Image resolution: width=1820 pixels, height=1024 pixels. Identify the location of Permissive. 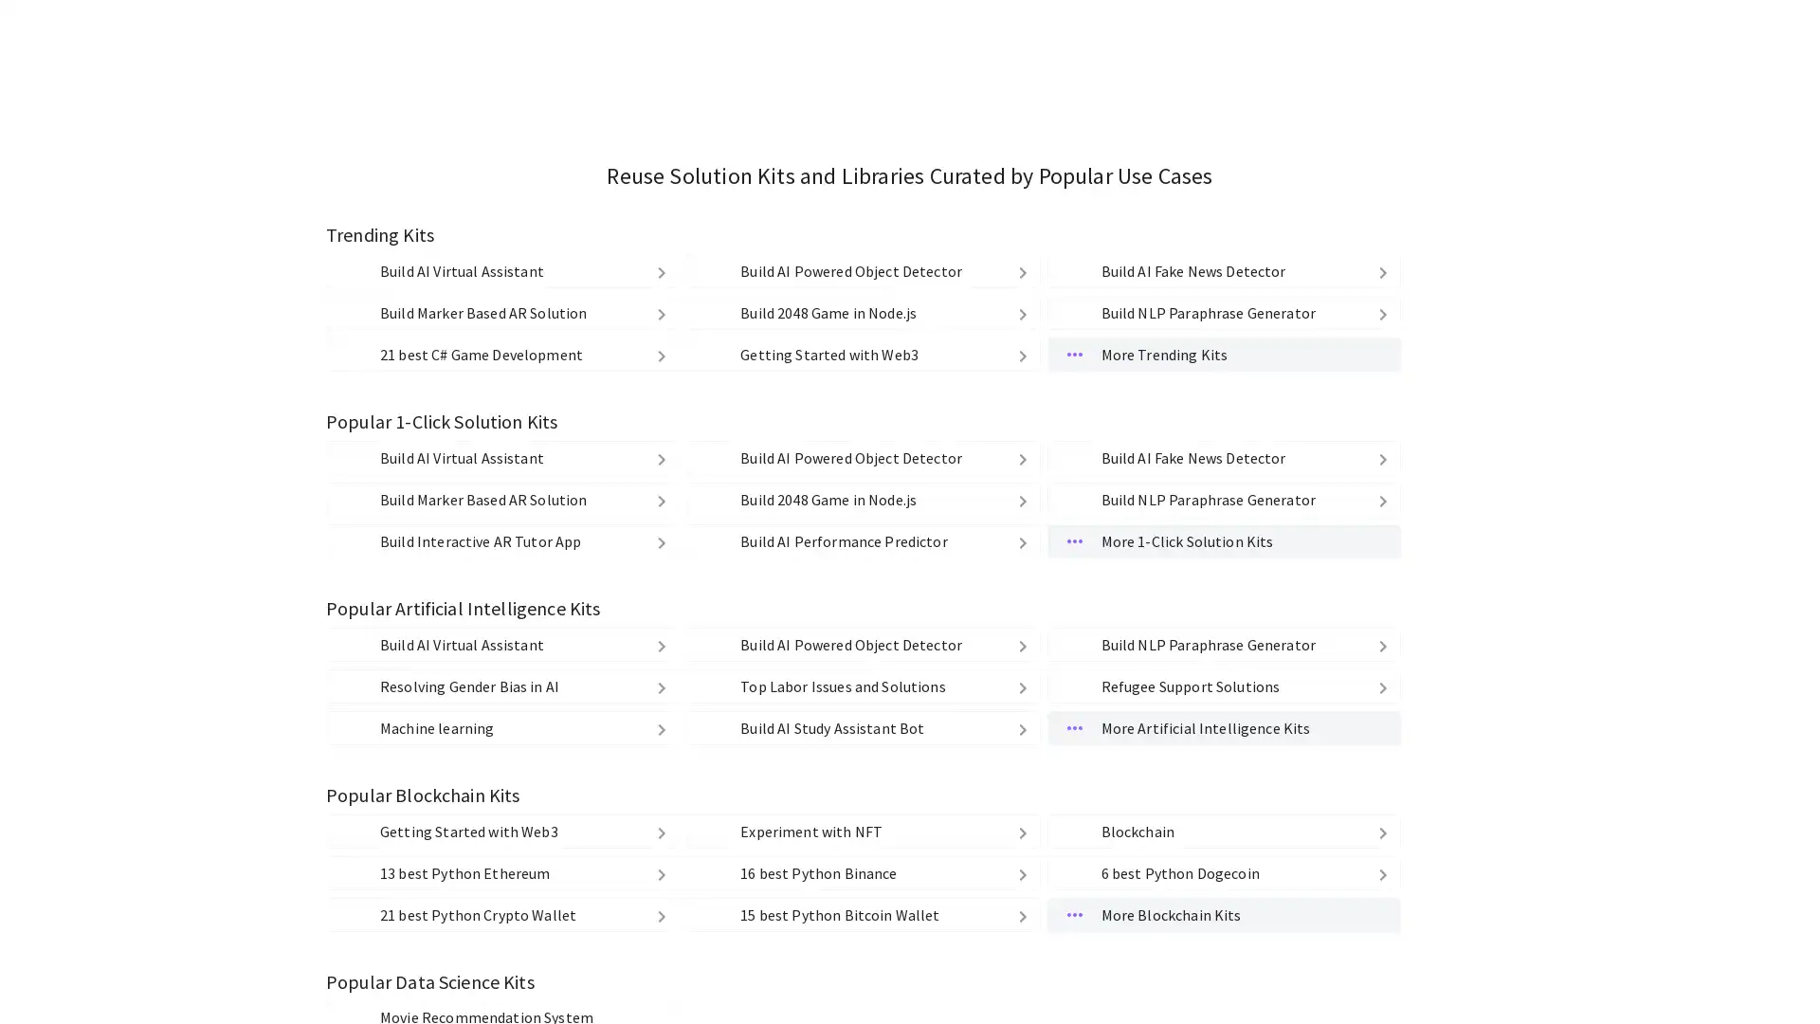
(390, 558).